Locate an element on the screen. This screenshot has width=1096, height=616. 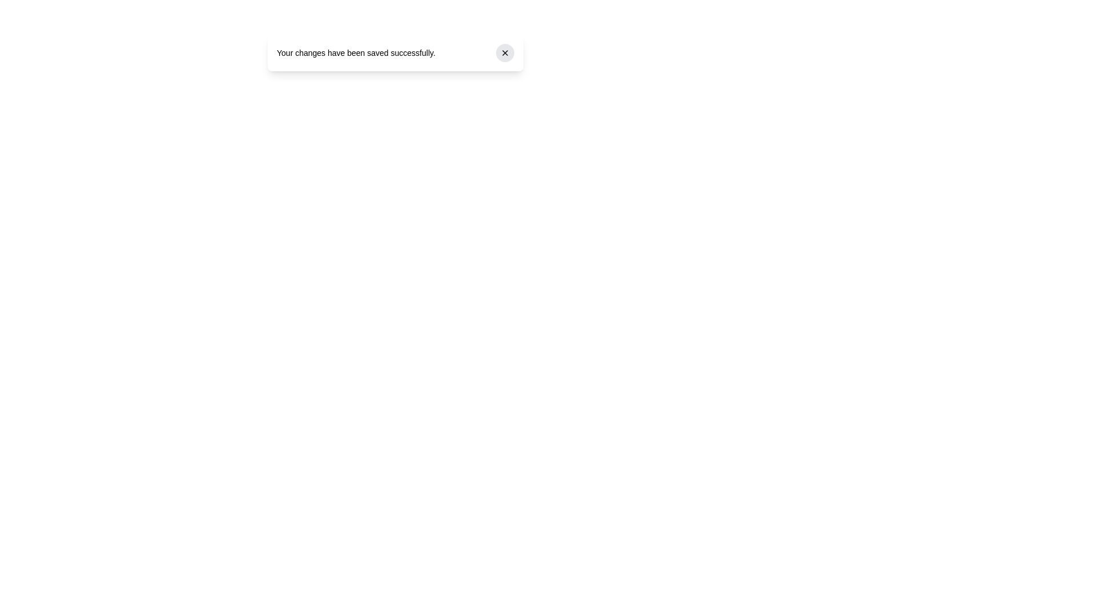
notification message displayed in the green notification banner that states, 'Your changes have been saved successfully.' is located at coordinates (395, 52).